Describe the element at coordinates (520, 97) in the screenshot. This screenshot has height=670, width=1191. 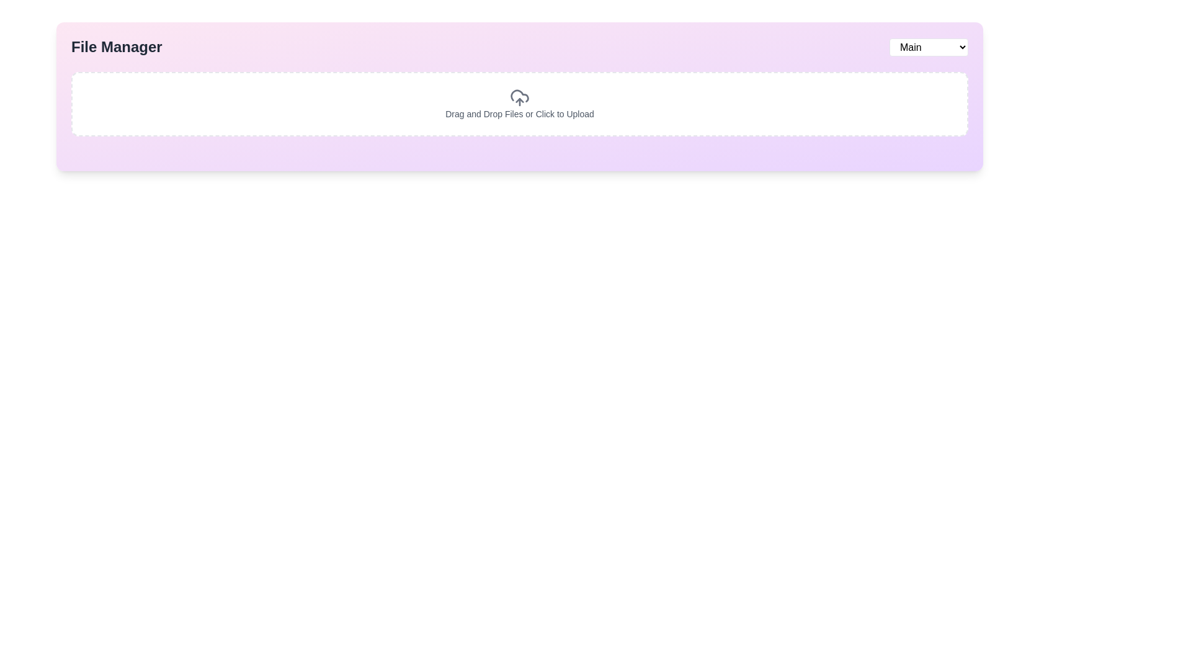
I see `the area surrounding the upload icon located centrally within the 'Drag and Drop Files or Click to Upload' box to initiate the upload process` at that location.